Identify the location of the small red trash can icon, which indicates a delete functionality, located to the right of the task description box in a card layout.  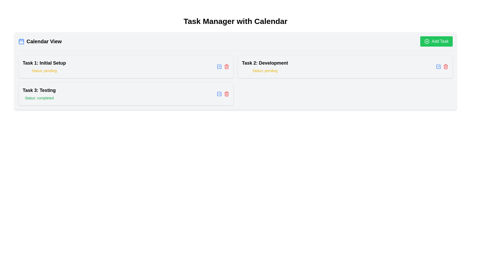
(226, 94).